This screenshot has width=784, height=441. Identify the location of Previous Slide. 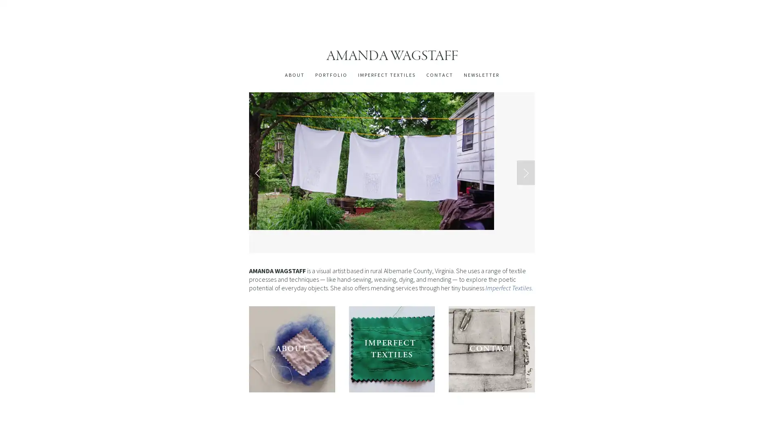
(258, 171).